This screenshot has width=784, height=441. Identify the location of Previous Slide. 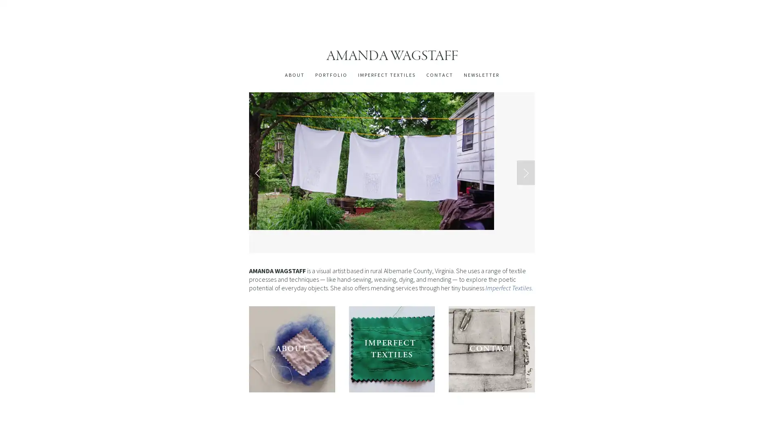
(258, 171).